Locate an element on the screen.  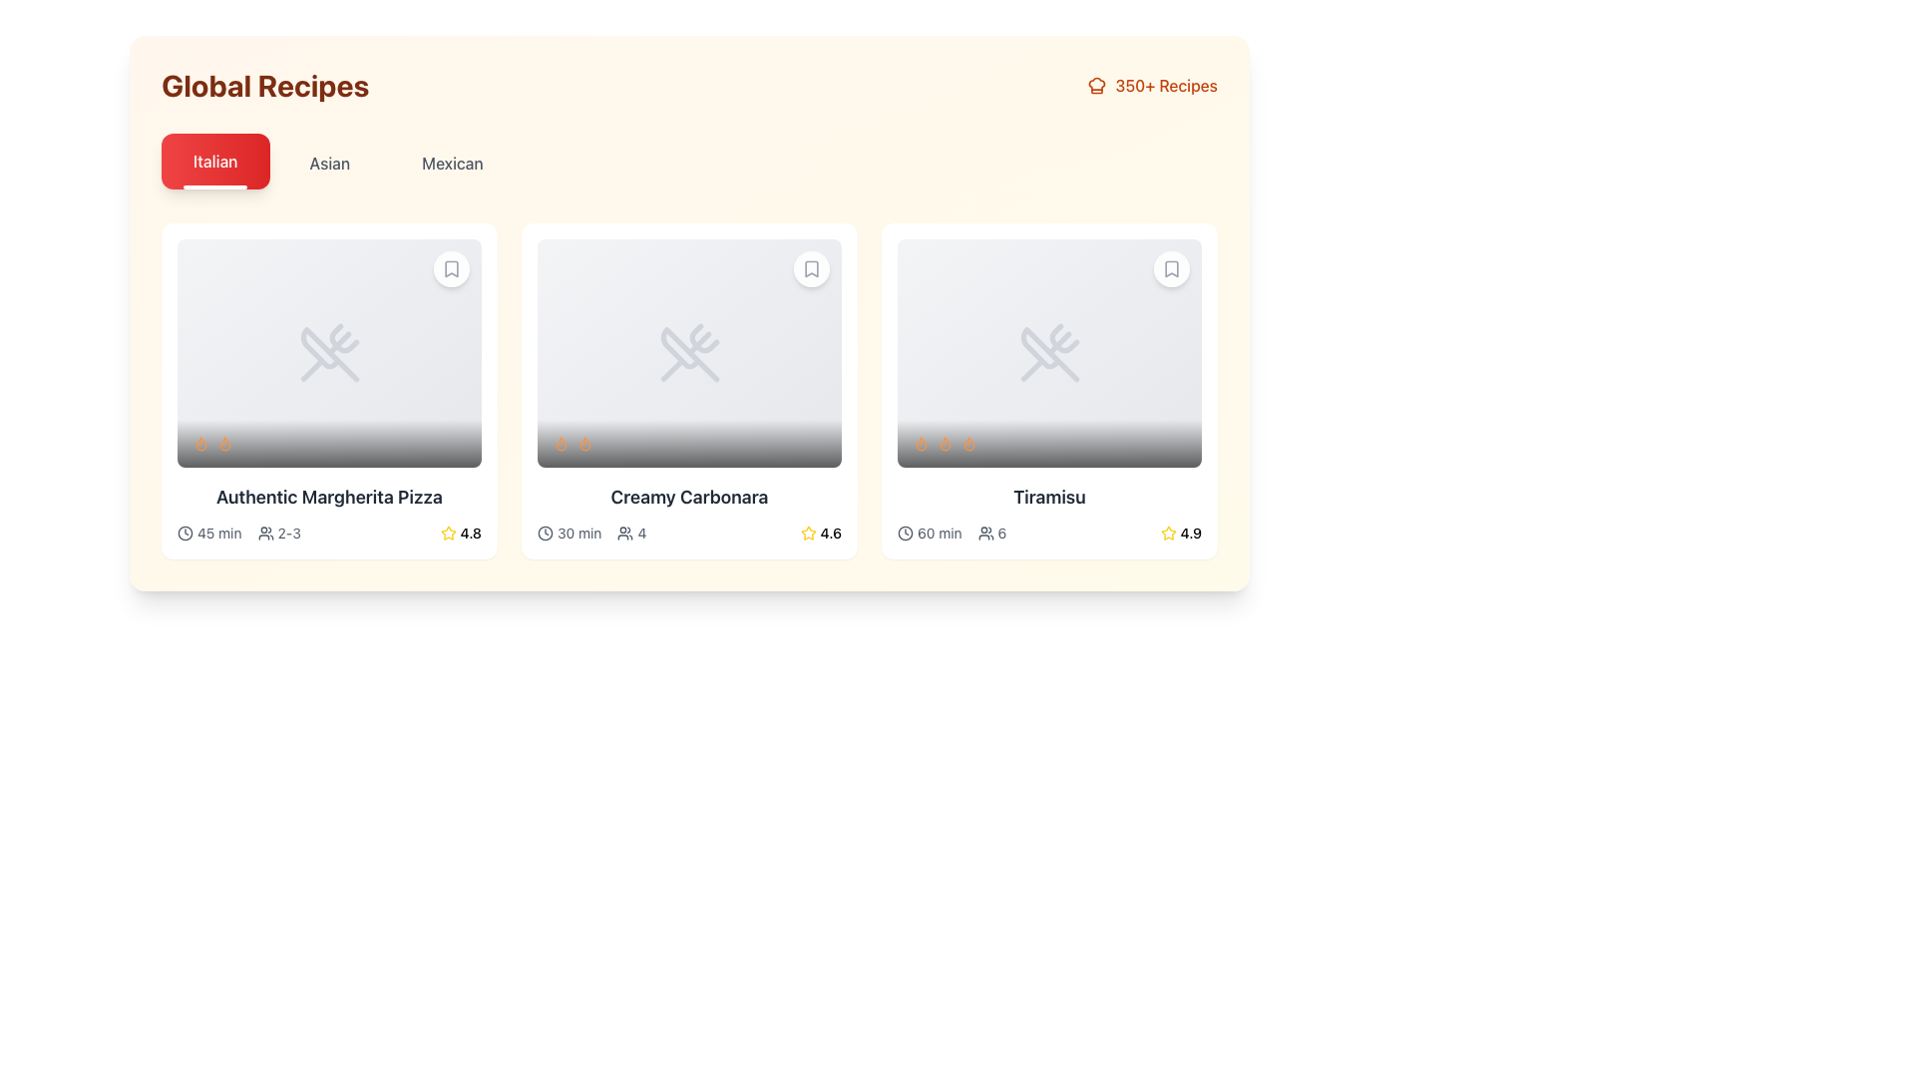
the text label with icons that displays the preparation time and number of servings for the 'Tiramisu' recipe, located in the lower section of the card in the third column of the recipe grid is located at coordinates (951, 532).